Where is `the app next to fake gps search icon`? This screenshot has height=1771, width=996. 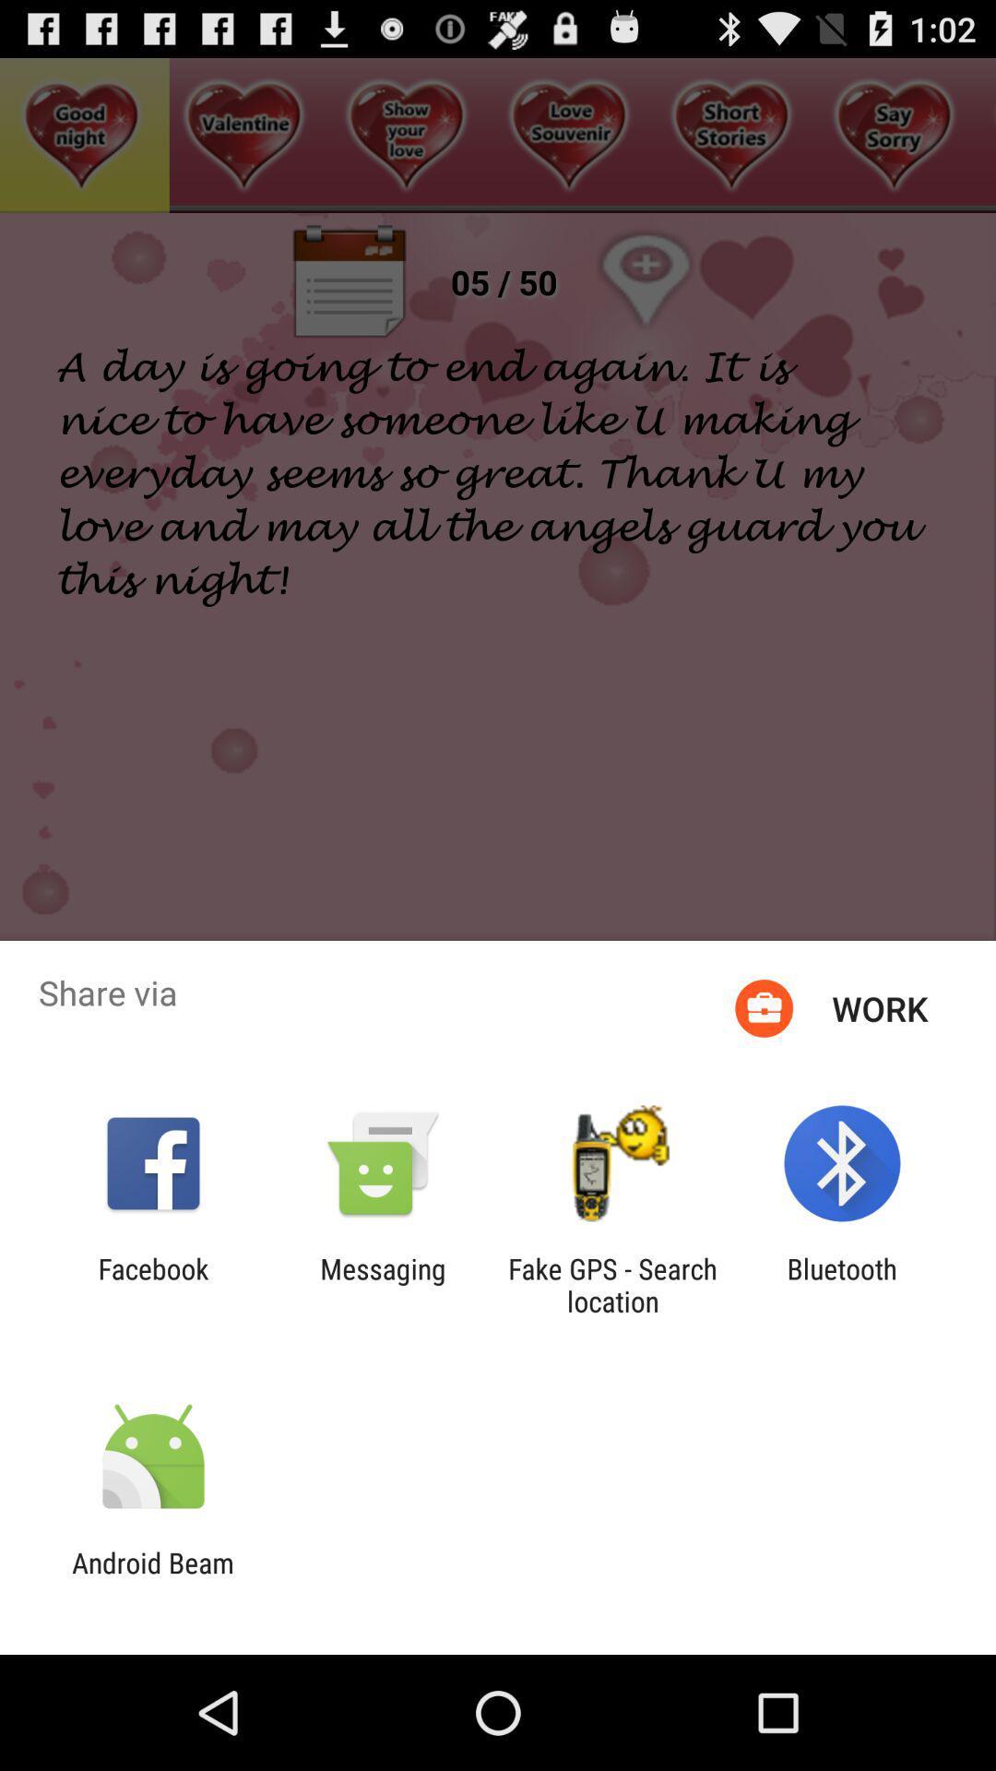 the app next to fake gps search icon is located at coordinates (842, 1284).